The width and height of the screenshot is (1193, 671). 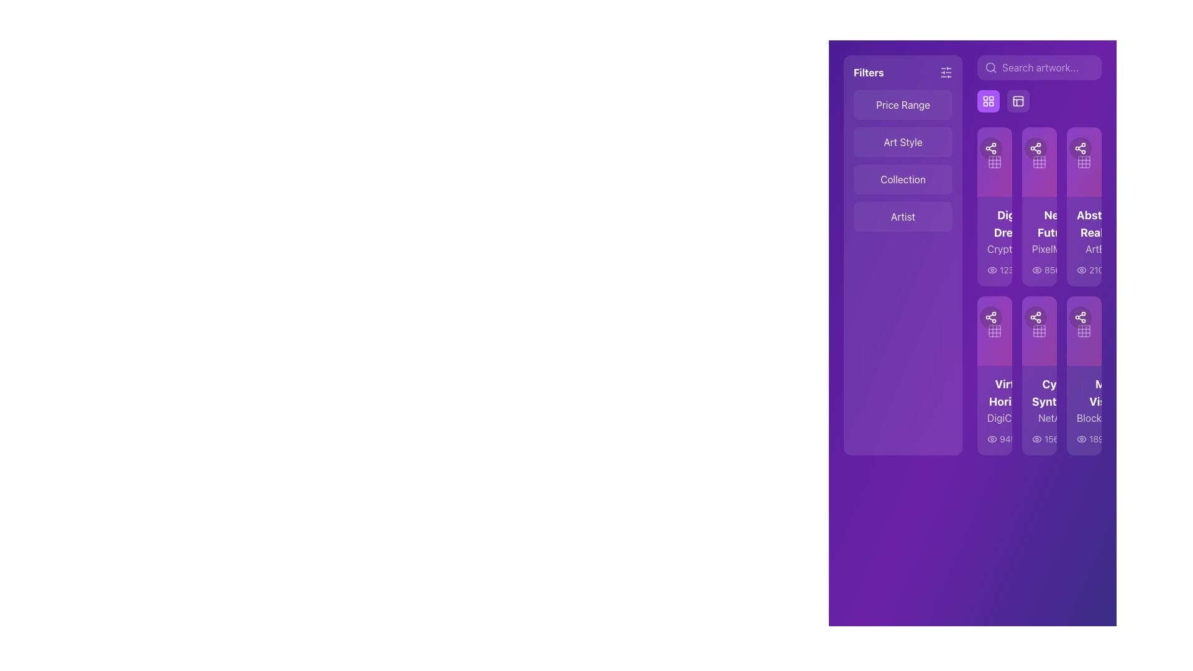 I want to click on the information icon, which is a white lowercase 'i' inside a circle, located at the bottom right corner of the fourth card in the second row of the grid layout, so click(x=1043, y=438).